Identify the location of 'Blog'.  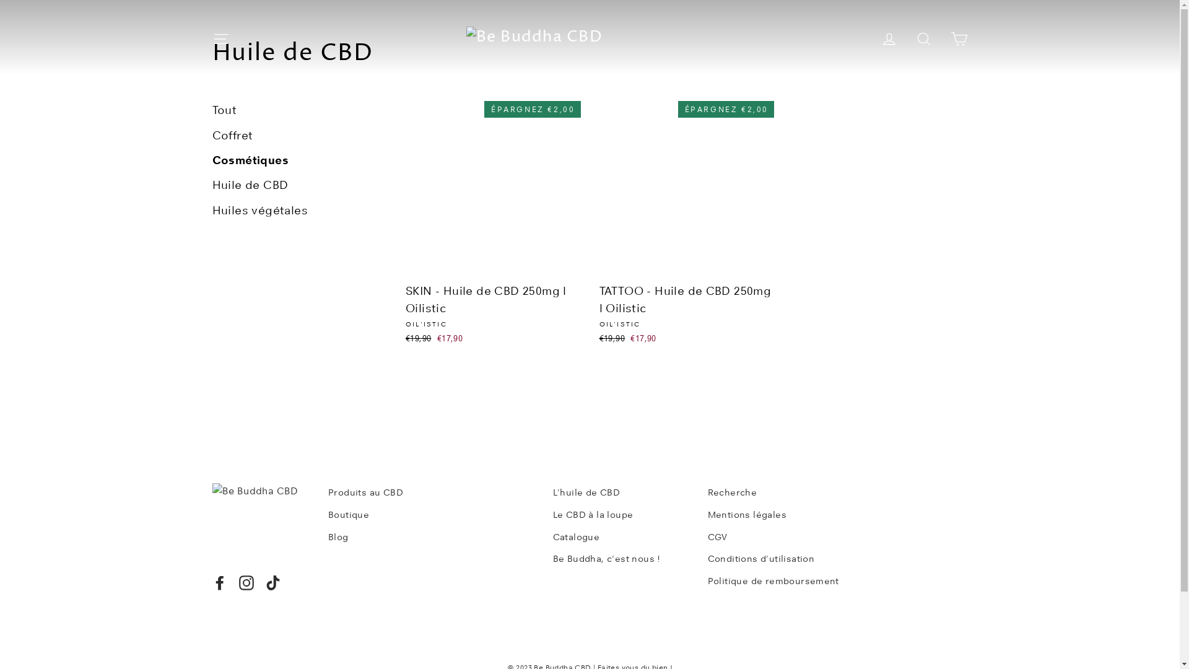
(431, 536).